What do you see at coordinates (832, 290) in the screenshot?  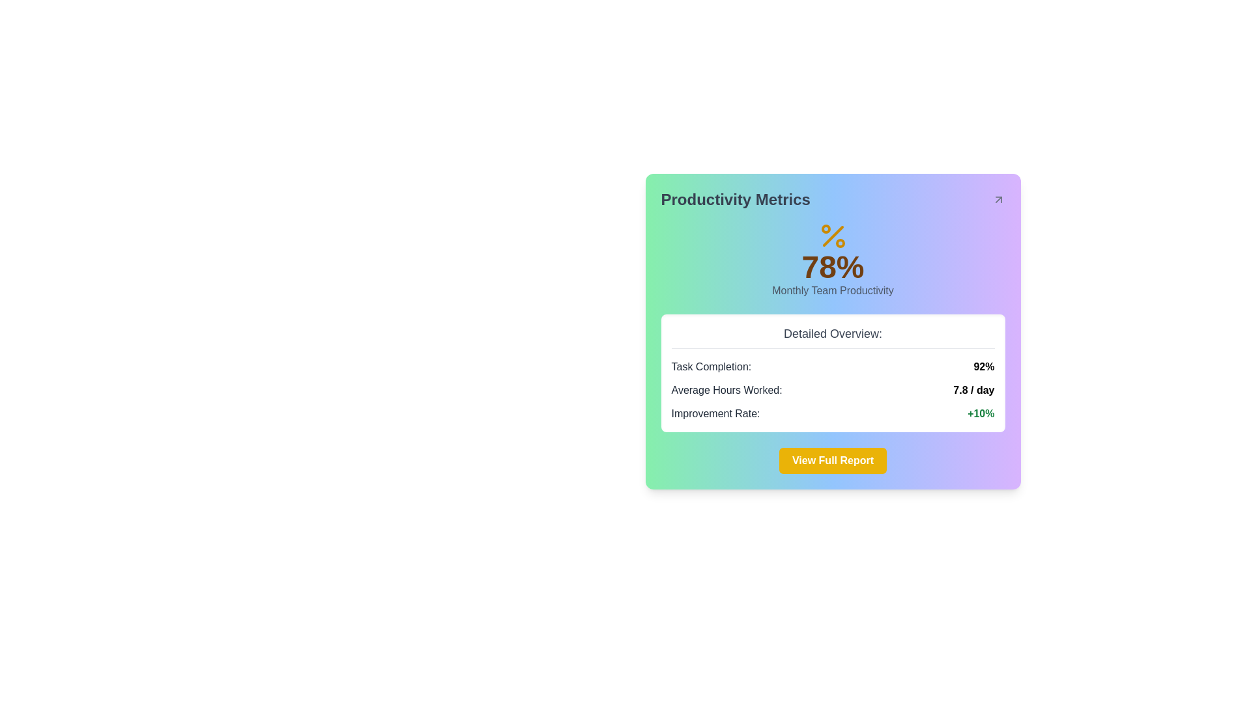 I see `the text label displaying 'Monthly Team Productivity', which is styled in gray and located below the percentage value '78%' within a centered card component` at bounding box center [832, 290].